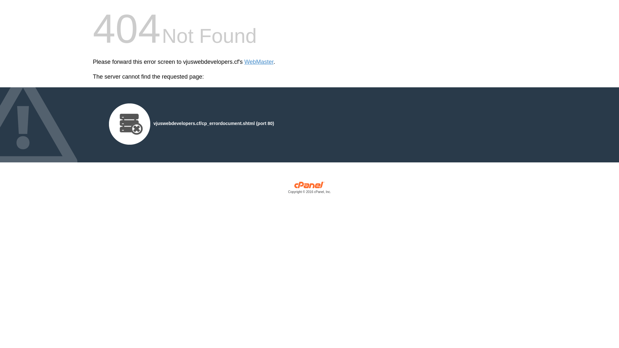 This screenshot has width=619, height=348. Describe the element at coordinates (259, 62) in the screenshot. I see `'WebMaster'` at that location.